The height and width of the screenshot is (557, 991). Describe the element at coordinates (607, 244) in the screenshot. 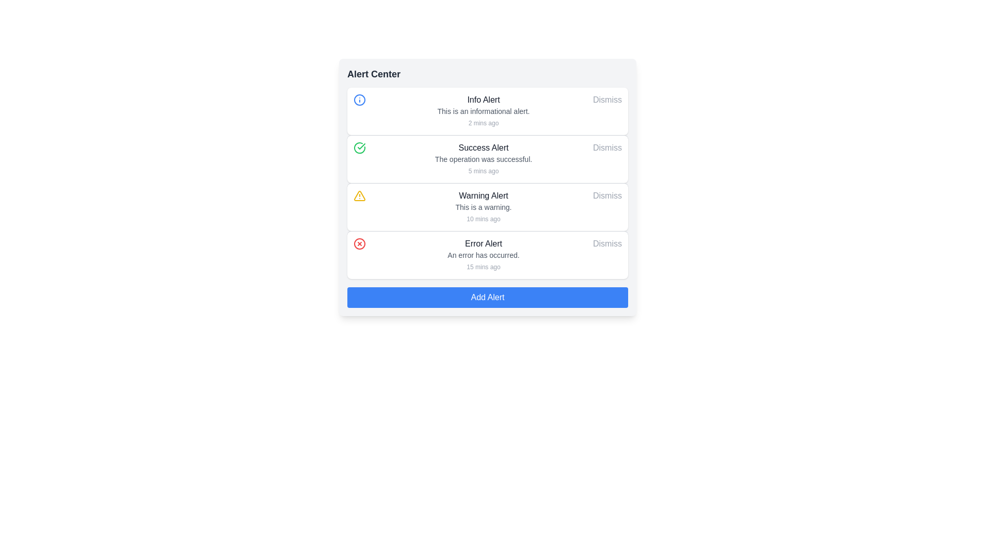

I see `the dismiss button for the 'Error Alert' notification to change its color` at that location.